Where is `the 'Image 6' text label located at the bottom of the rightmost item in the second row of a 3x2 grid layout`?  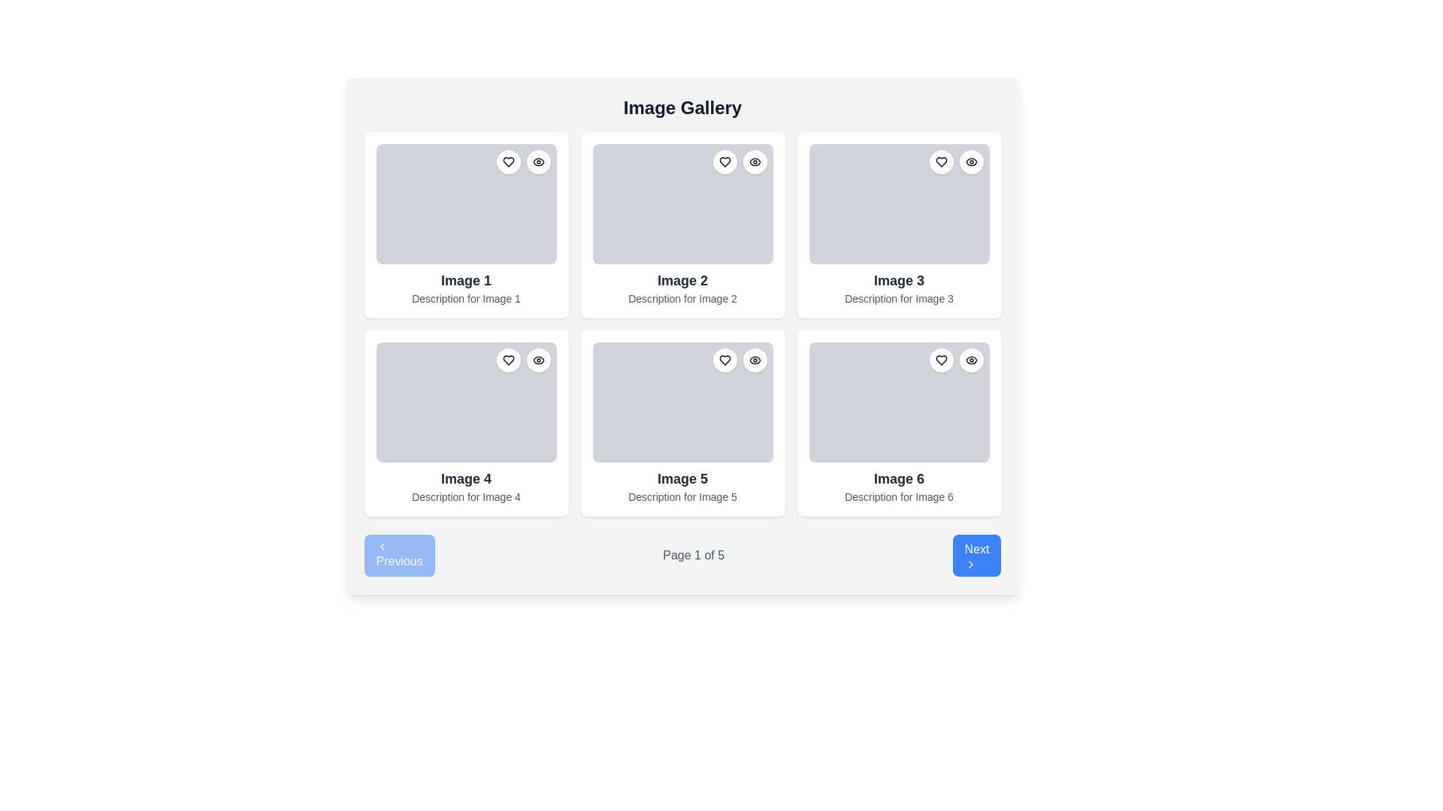 the 'Image 6' text label located at the bottom of the rightmost item in the second row of a 3x2 grid layout is located at coordinates (899, 478).